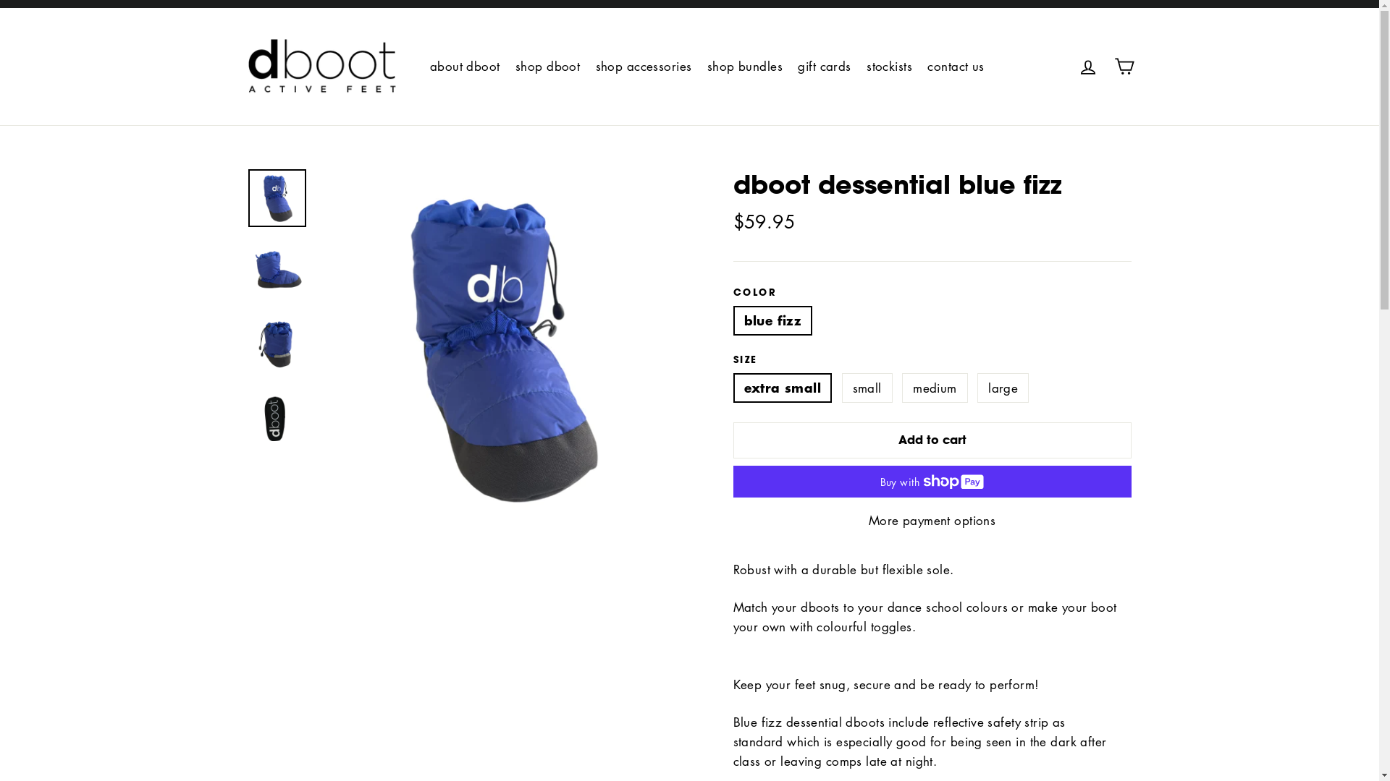 This screenshot has height=781, width=1390. I want to click on 'Log in', so click(1087, 67).